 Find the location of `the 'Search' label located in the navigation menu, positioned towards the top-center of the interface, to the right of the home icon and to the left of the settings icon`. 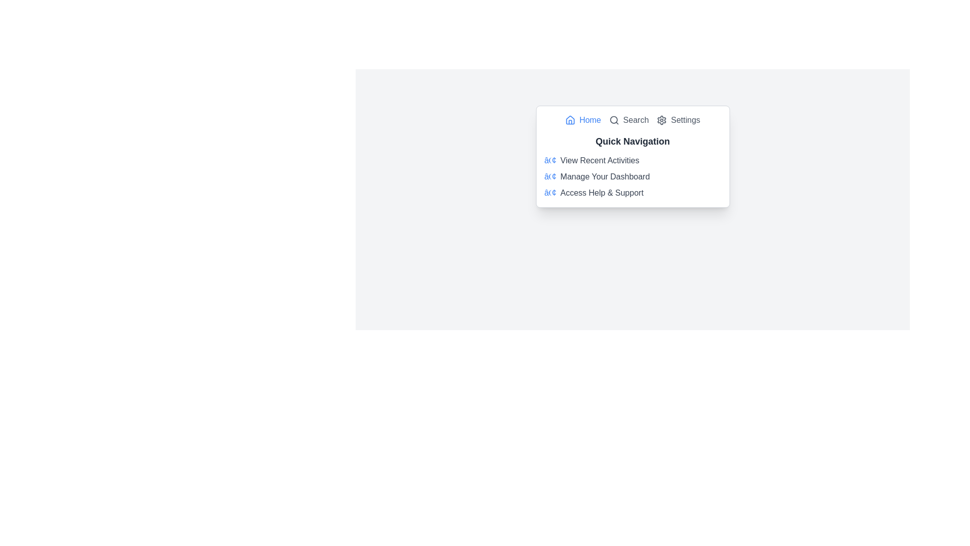

the 'Search' label located in the navigation menu, positioned towards the top-center of the interface, to the right of the home icon and to the left of the settings icon is located at coordinates (635, 120).